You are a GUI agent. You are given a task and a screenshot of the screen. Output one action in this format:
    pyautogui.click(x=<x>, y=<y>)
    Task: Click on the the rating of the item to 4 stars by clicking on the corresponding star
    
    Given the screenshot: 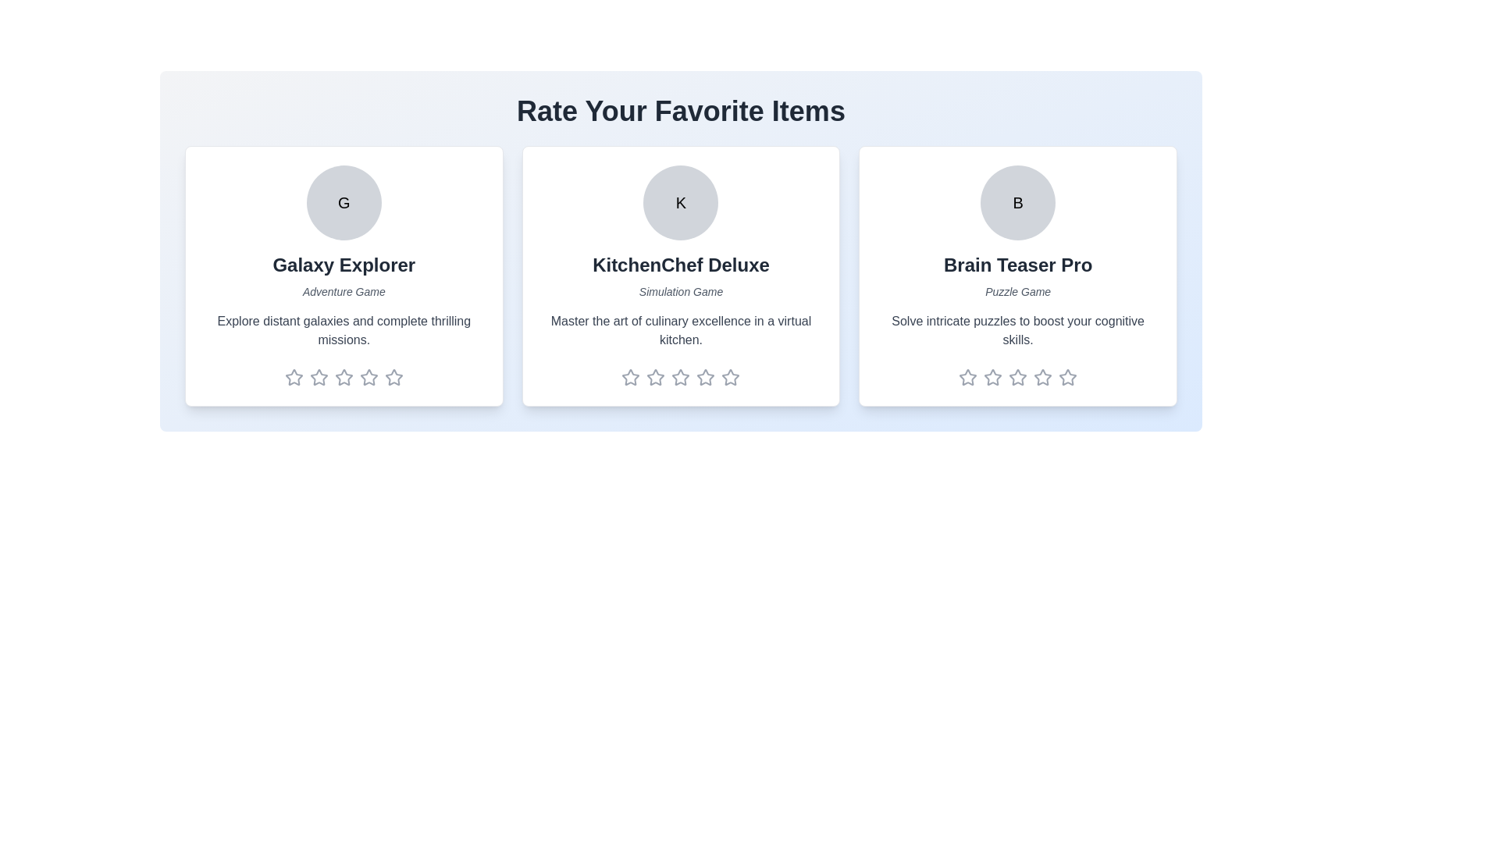 What is the action you would take?
    pyautogui.click(x=368, y=377)
    